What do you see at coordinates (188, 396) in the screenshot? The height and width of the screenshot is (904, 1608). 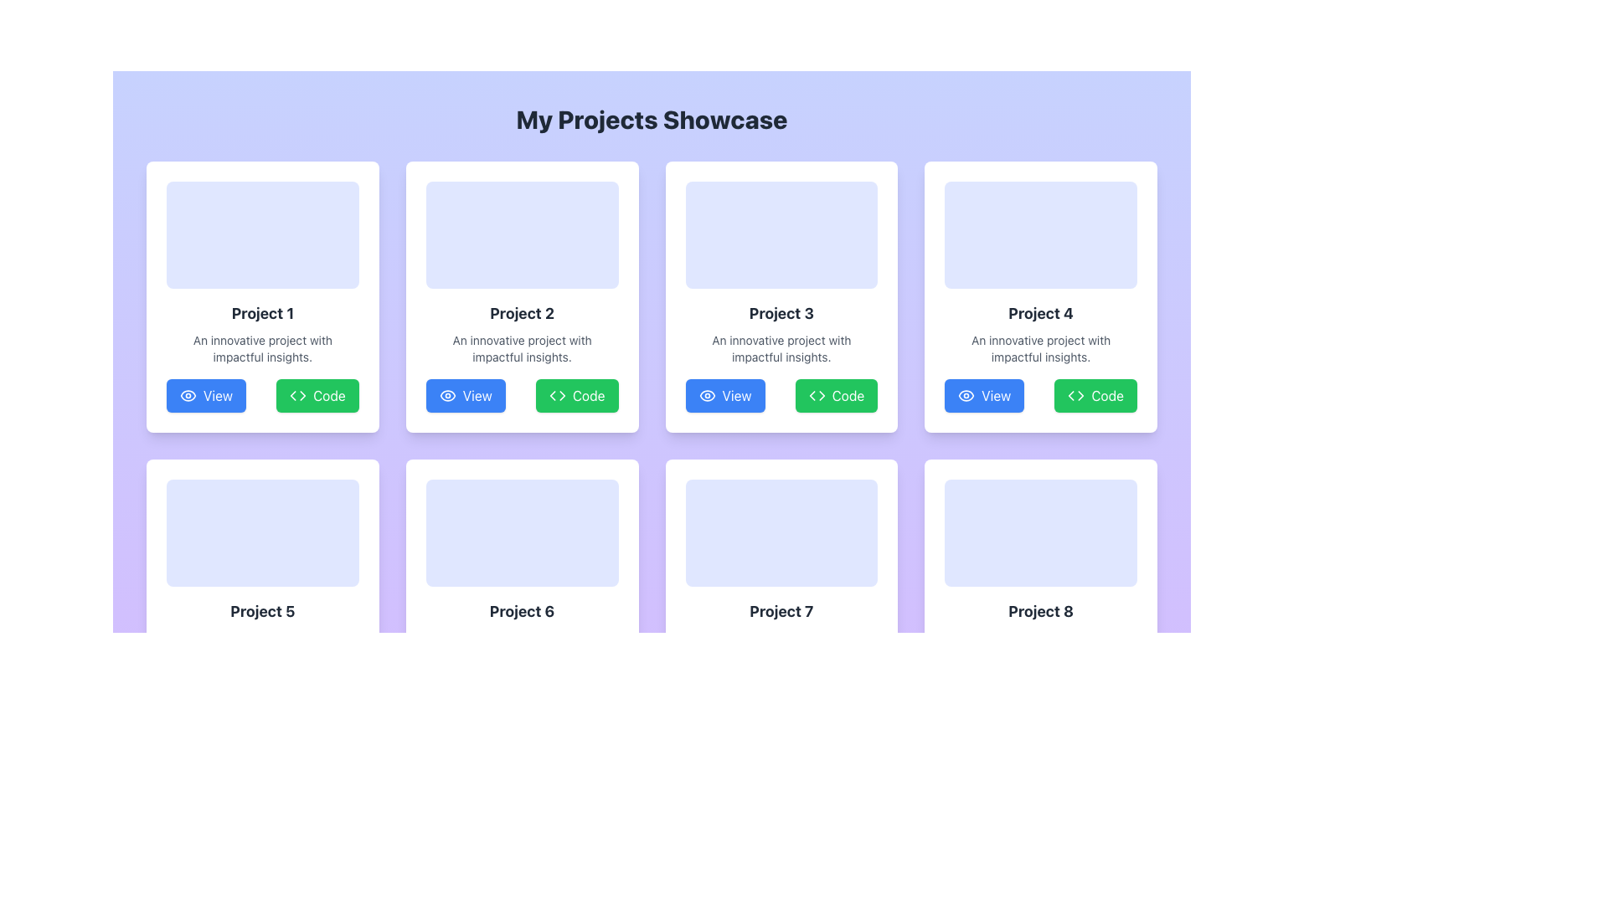 I see `the eye icon located within the 'View' button in the first project card at the top left of the grid` at bounding box center [188, 396].